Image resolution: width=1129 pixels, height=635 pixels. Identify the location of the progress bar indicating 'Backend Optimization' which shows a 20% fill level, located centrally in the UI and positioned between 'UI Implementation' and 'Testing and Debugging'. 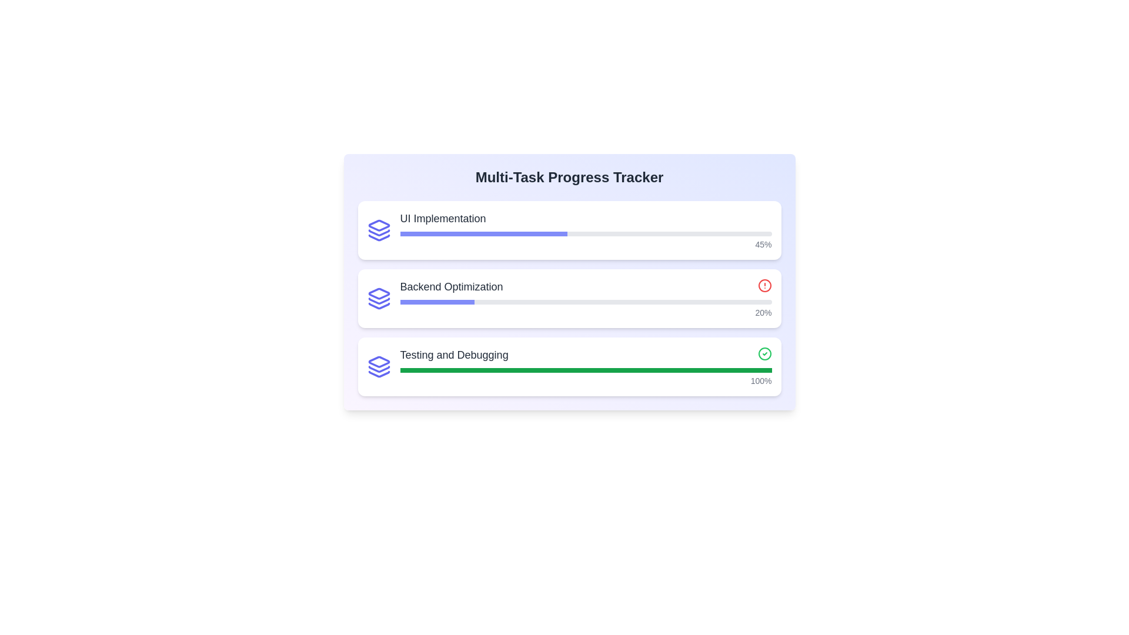
(569, 298).